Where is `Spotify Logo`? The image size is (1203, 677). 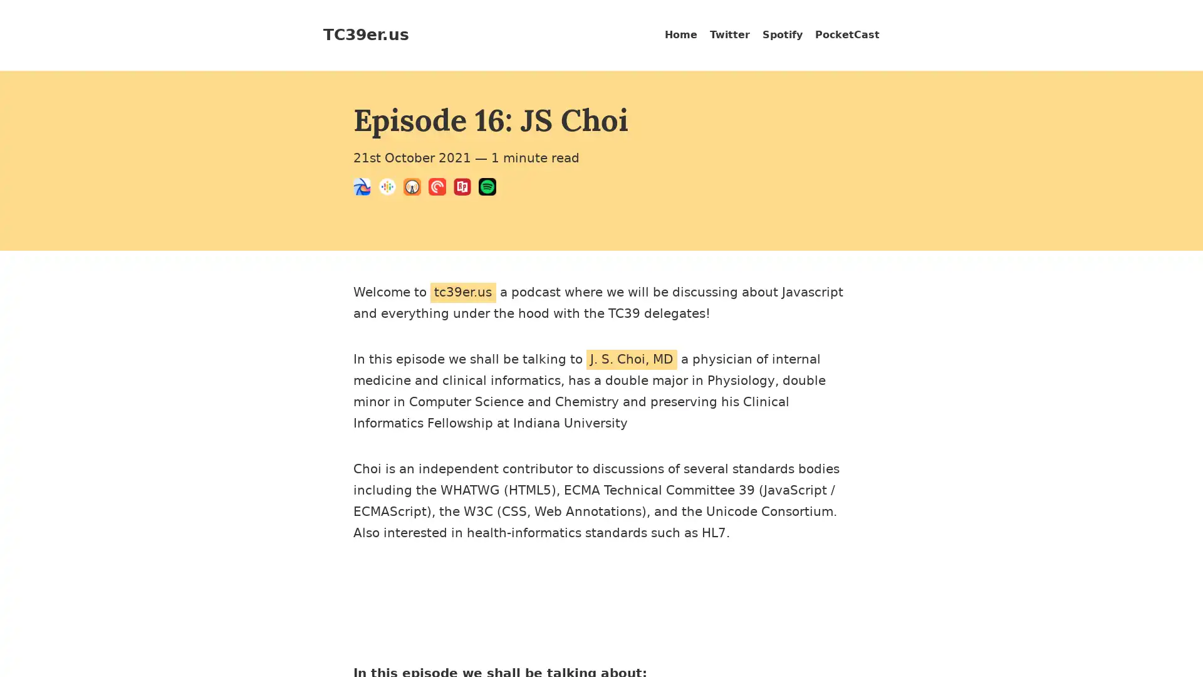
Spotify Logo is located at coordinates (490, 189).